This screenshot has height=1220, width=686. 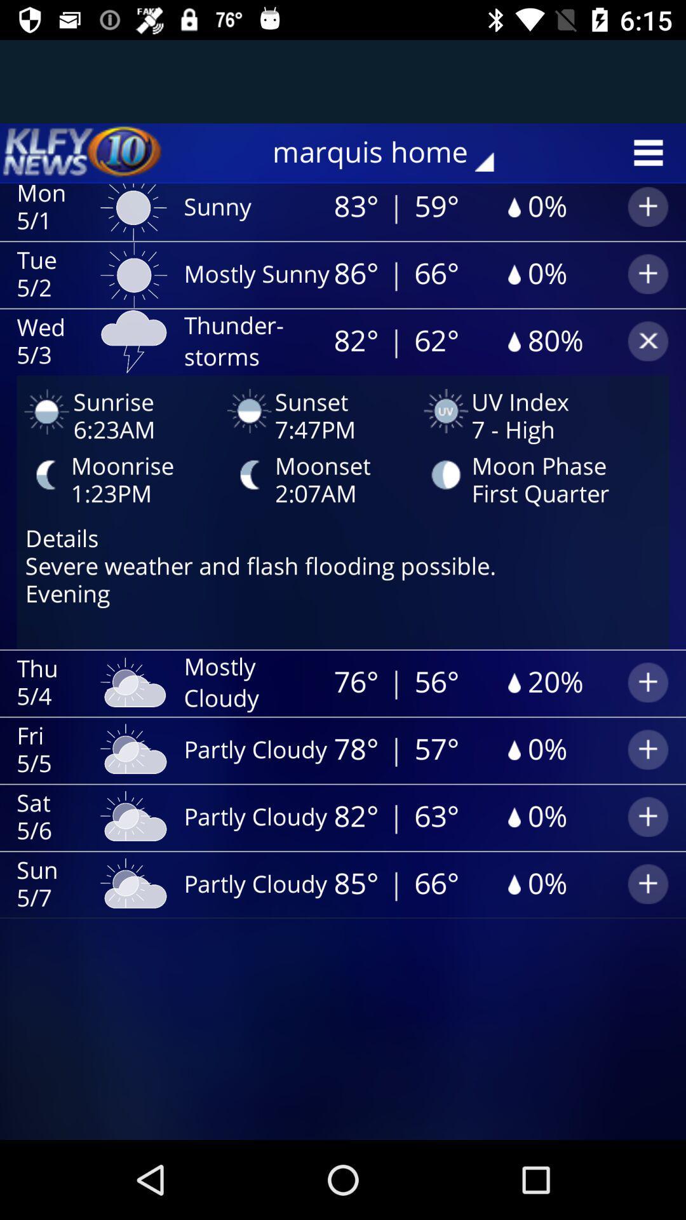 I want to click on item to the left of the sunny, so click(x=83, y=152).